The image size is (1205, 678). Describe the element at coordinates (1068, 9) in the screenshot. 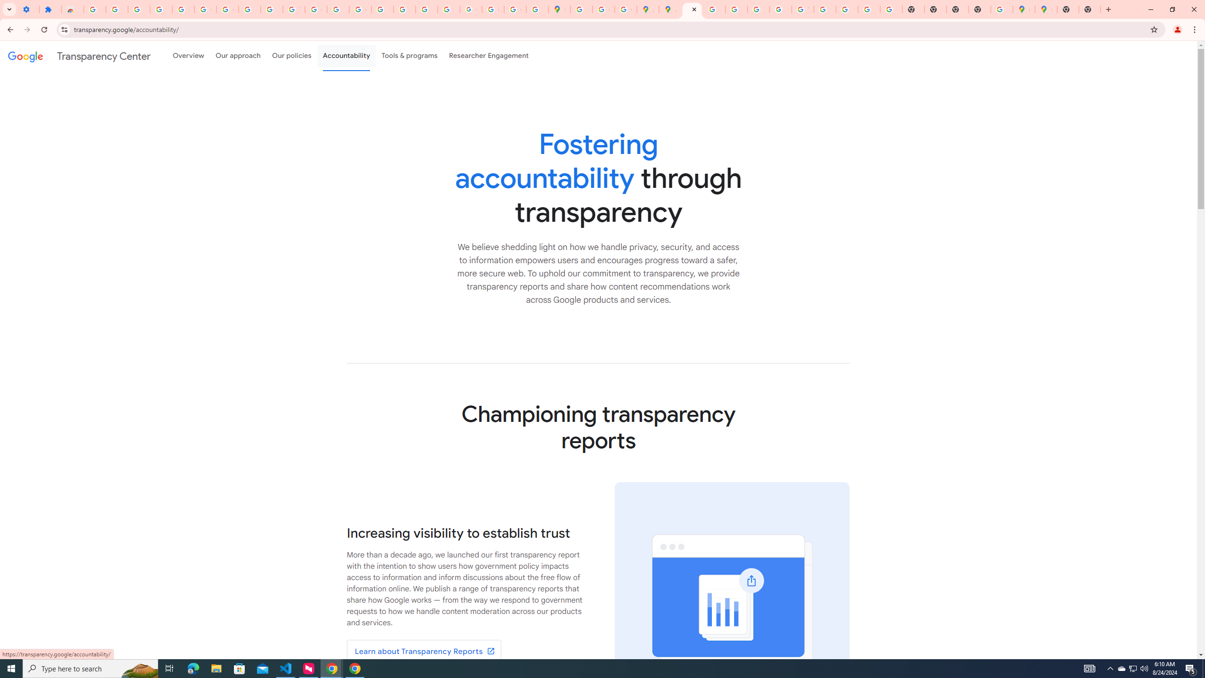

I see `'New Tab'` at that location.